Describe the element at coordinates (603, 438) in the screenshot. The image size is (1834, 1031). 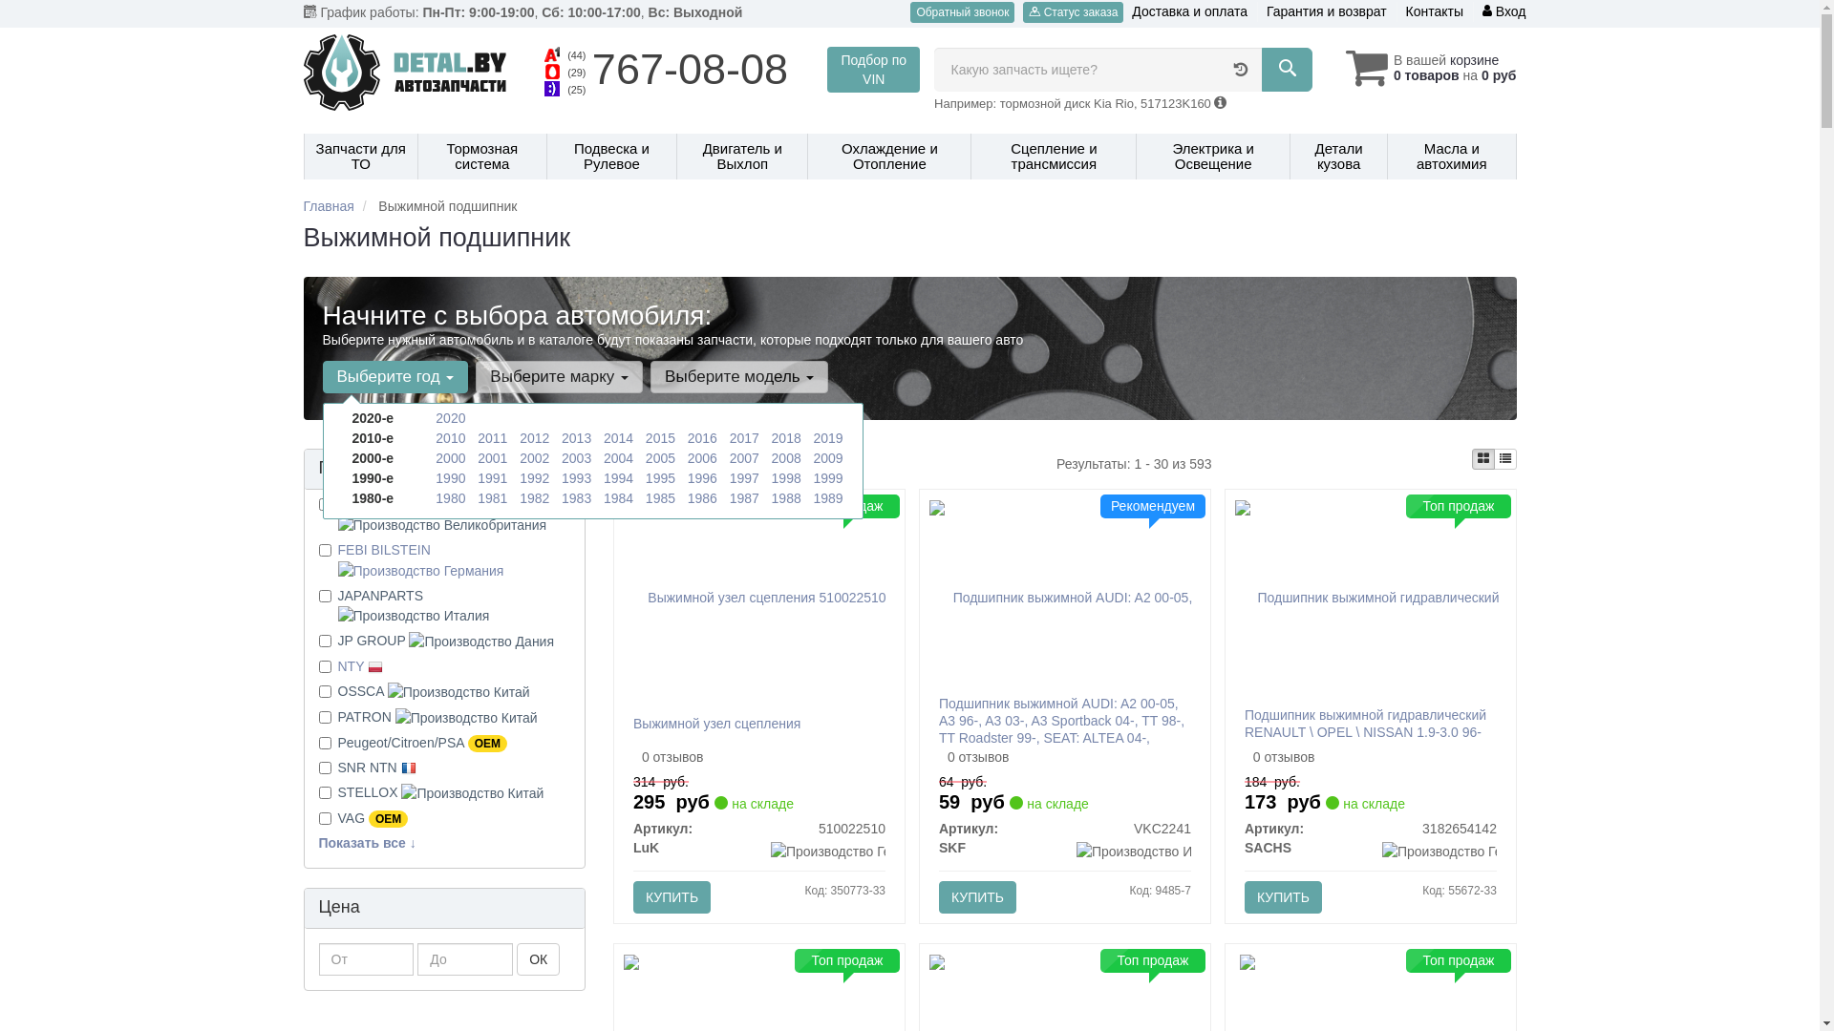
I see `'2014'` at that location.